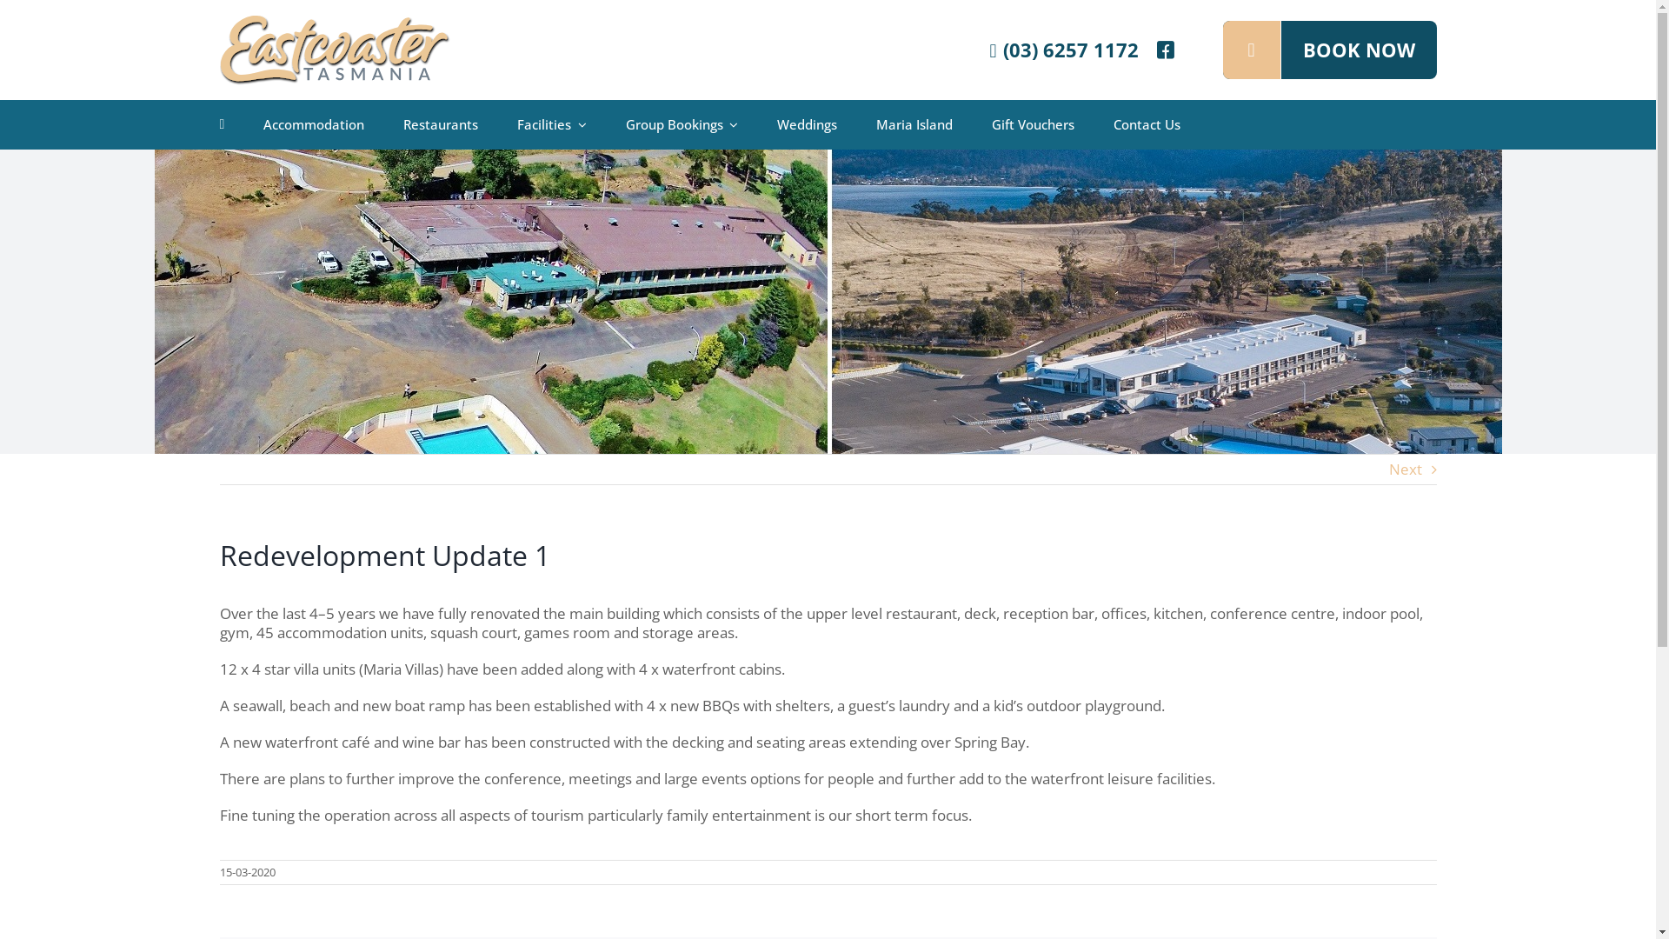 The width and height of the screenshot is (1669, 939). Describe the element at coordinates (806, 123) in the screenshot. I see `'Weddings'` at that location.